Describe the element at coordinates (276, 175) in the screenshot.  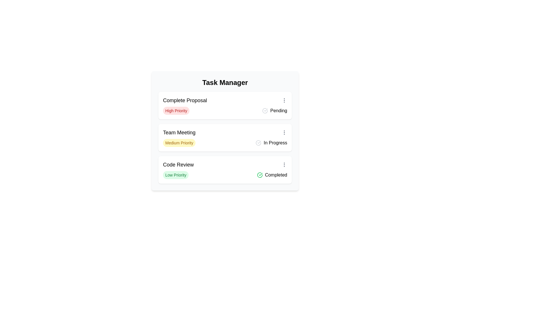
I see `the displayed information from the Text Label indicating the 'Code Review' task status` at that location.